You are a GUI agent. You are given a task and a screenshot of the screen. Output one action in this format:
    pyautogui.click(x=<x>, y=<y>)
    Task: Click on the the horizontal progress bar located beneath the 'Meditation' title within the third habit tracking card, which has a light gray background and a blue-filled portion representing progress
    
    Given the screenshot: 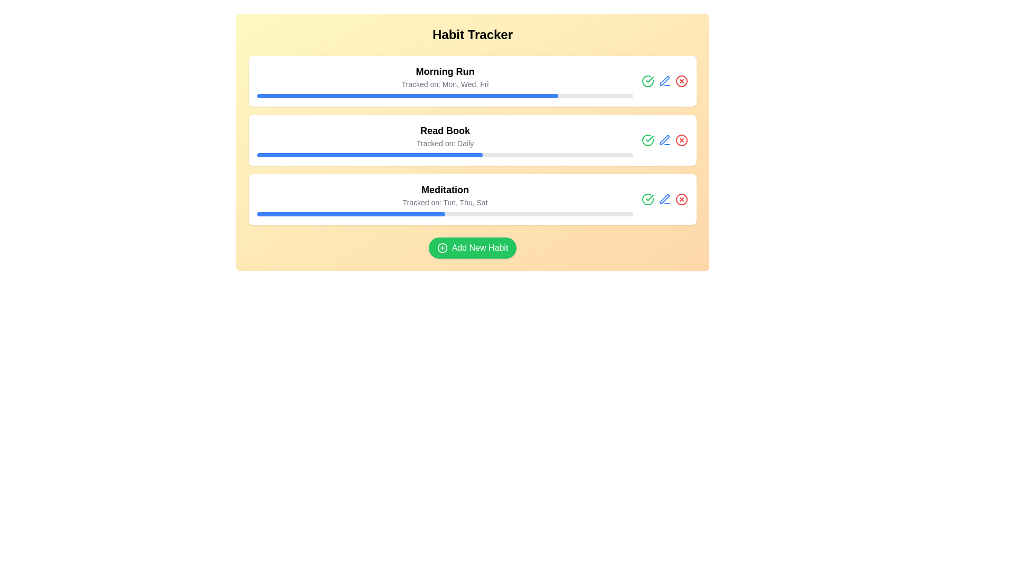 What is the action you would take?
    pyautogui.click(x=445, y=214)
    